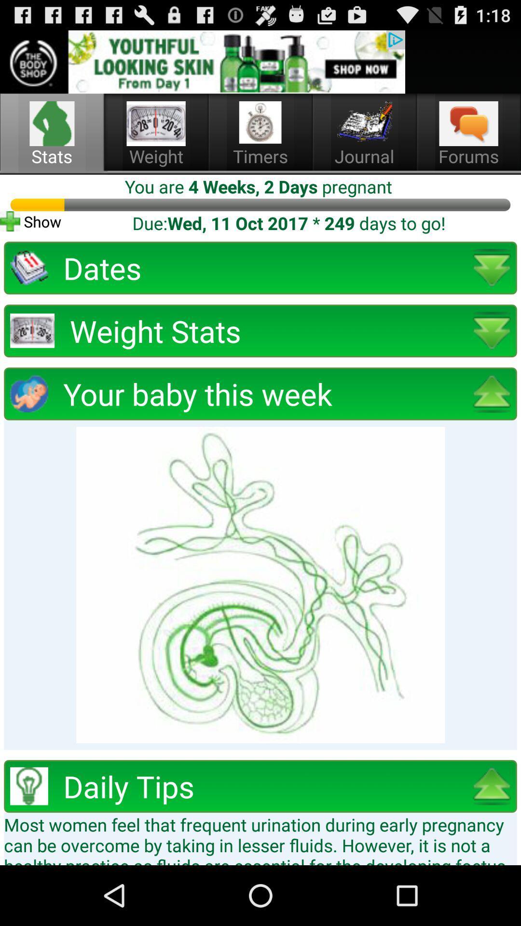  I want to click on picture of your baby this week, so click(260, 585).